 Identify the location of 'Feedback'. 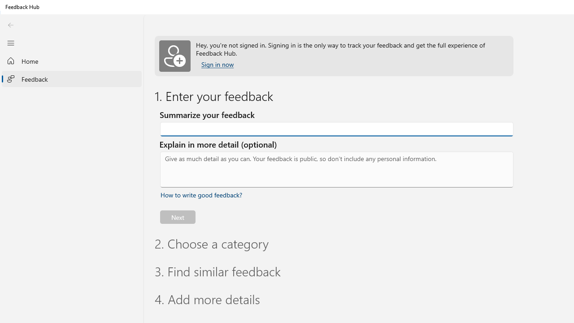
(72, 78).